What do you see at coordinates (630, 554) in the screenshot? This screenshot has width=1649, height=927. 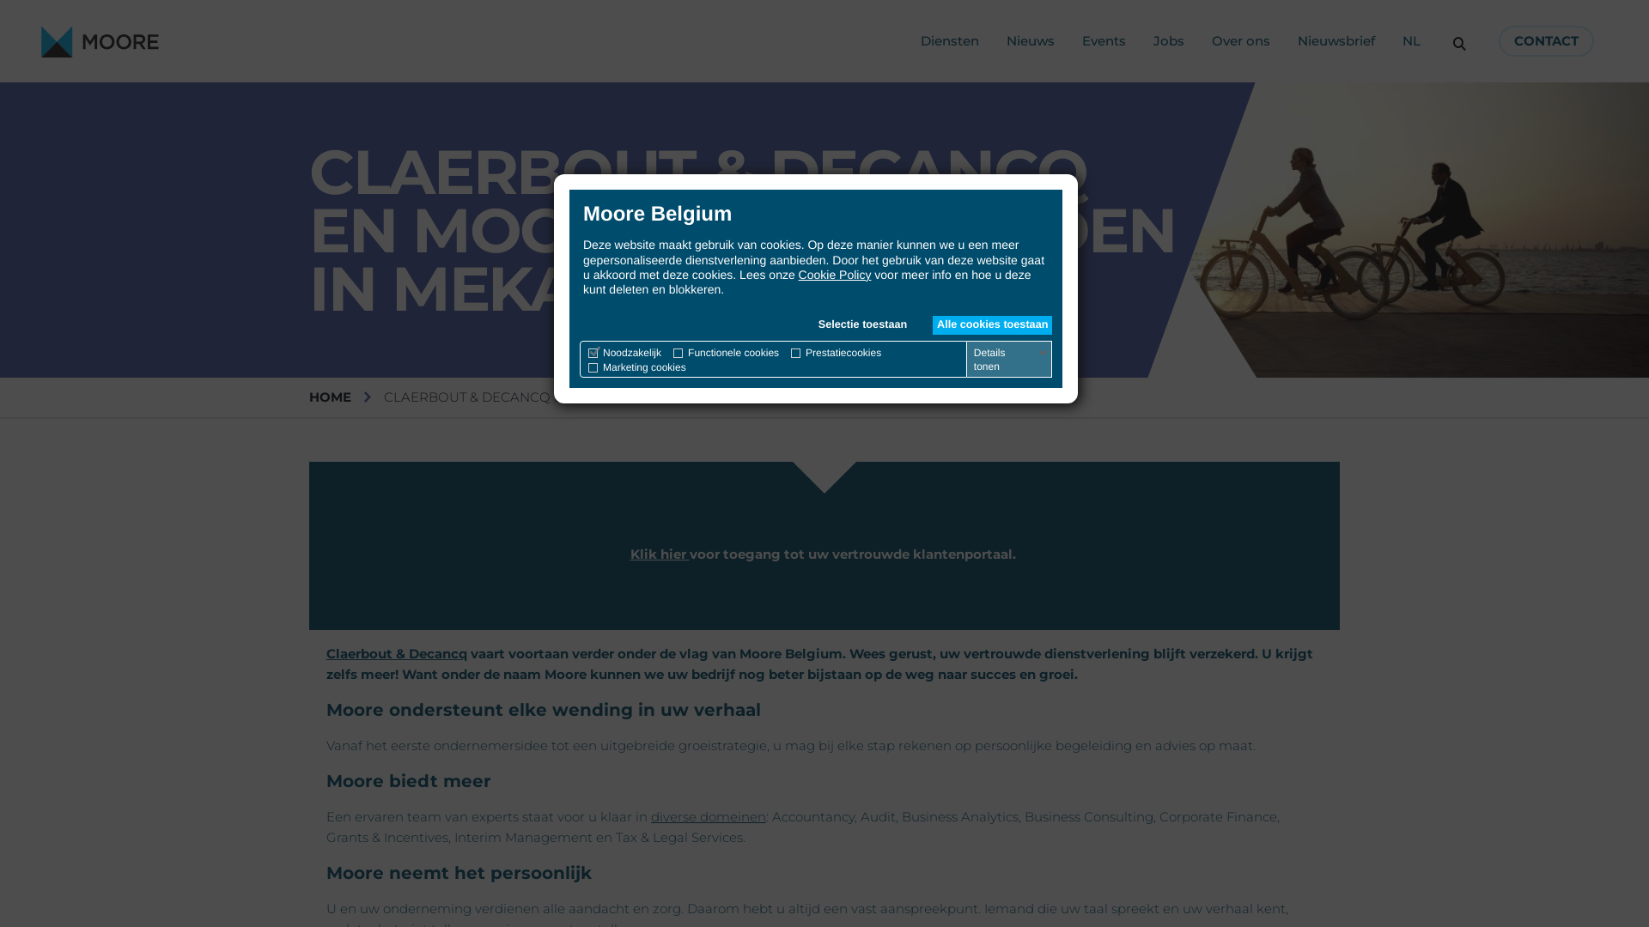 I see `'Klik hier '` at bounding box center [630, 554].